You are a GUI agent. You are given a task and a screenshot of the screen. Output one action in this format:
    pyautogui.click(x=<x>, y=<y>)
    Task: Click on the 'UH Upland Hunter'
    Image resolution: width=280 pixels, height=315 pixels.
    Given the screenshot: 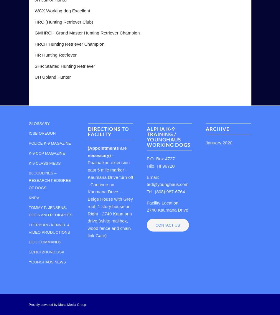 What is the action you would take?
    pyautogui.click(x=52, y=77)
    